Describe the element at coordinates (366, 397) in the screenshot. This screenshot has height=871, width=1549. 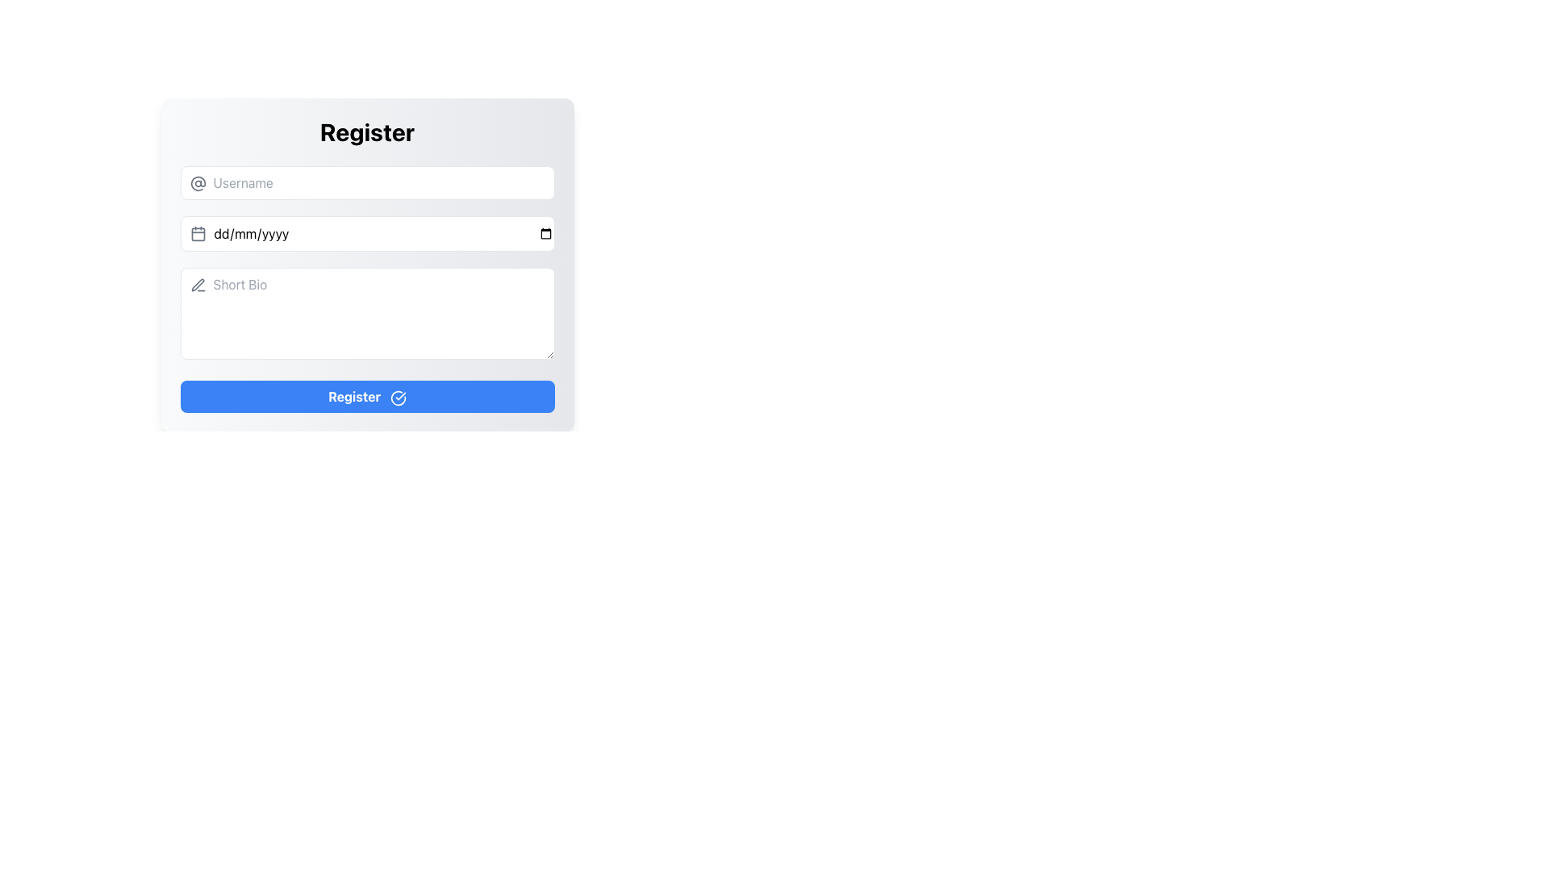
I see `the rectangular blue button labeled 'Register' at the bottom of the form` at that location.